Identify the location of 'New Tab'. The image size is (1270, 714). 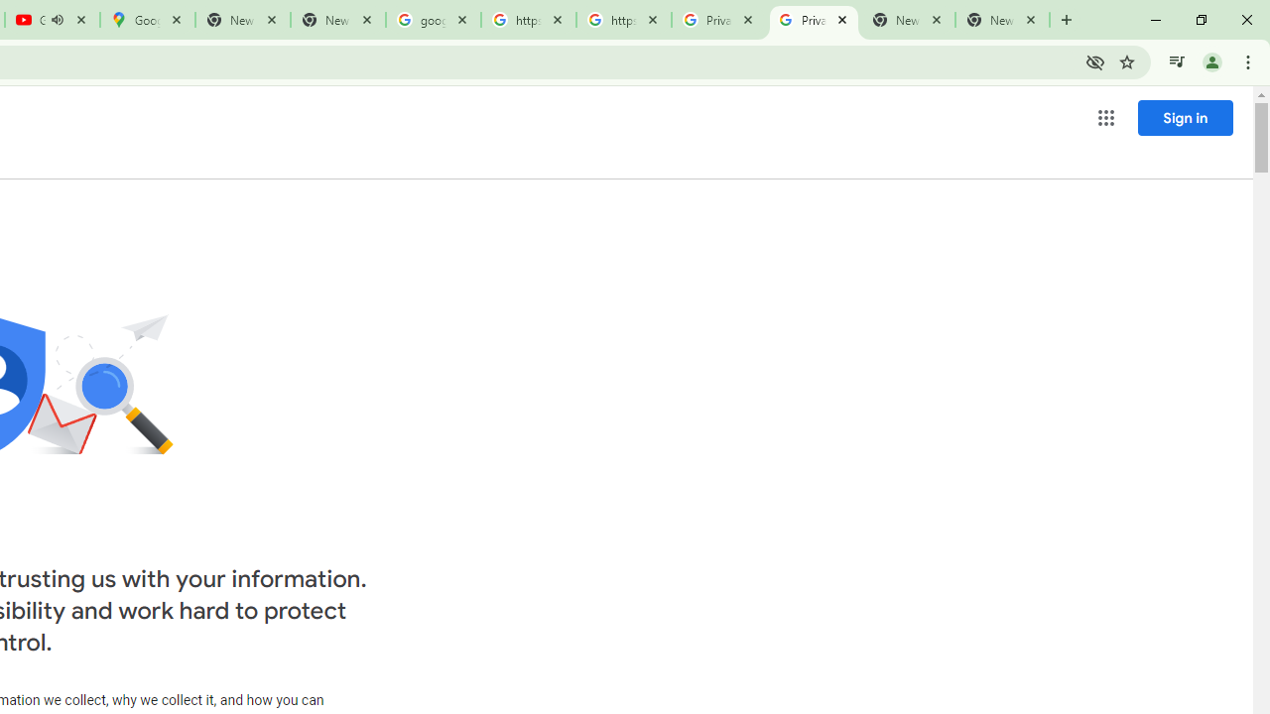
(1002, 20).